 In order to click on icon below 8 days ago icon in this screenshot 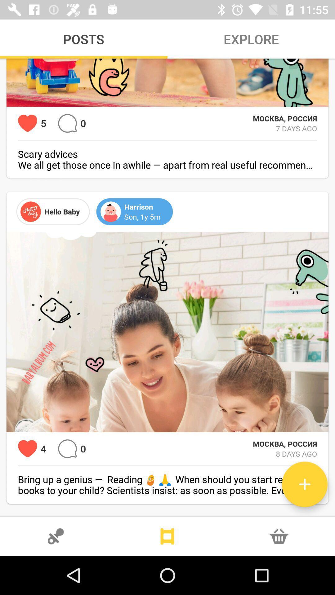, I will do `click(304, 484)`.